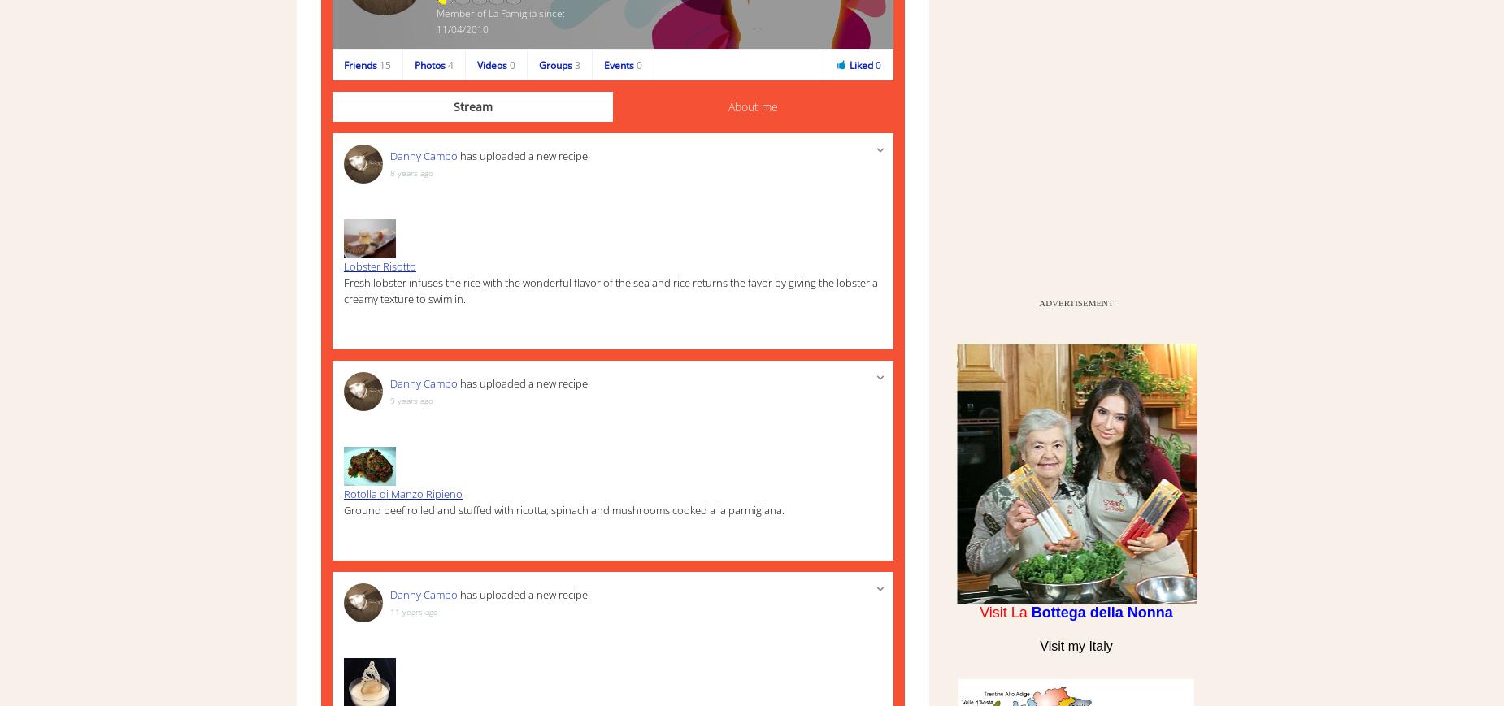 The width and height of the screenshot is (1504, 706). Describe the element at coordinates (849, 63) in the screenshot. I see `'Liked'` at that location.